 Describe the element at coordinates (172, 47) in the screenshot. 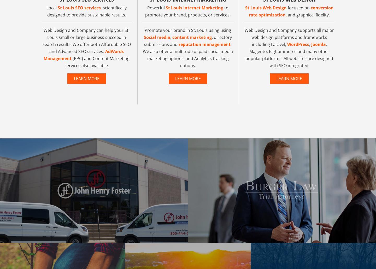

I see `'content marketing'` at that location.